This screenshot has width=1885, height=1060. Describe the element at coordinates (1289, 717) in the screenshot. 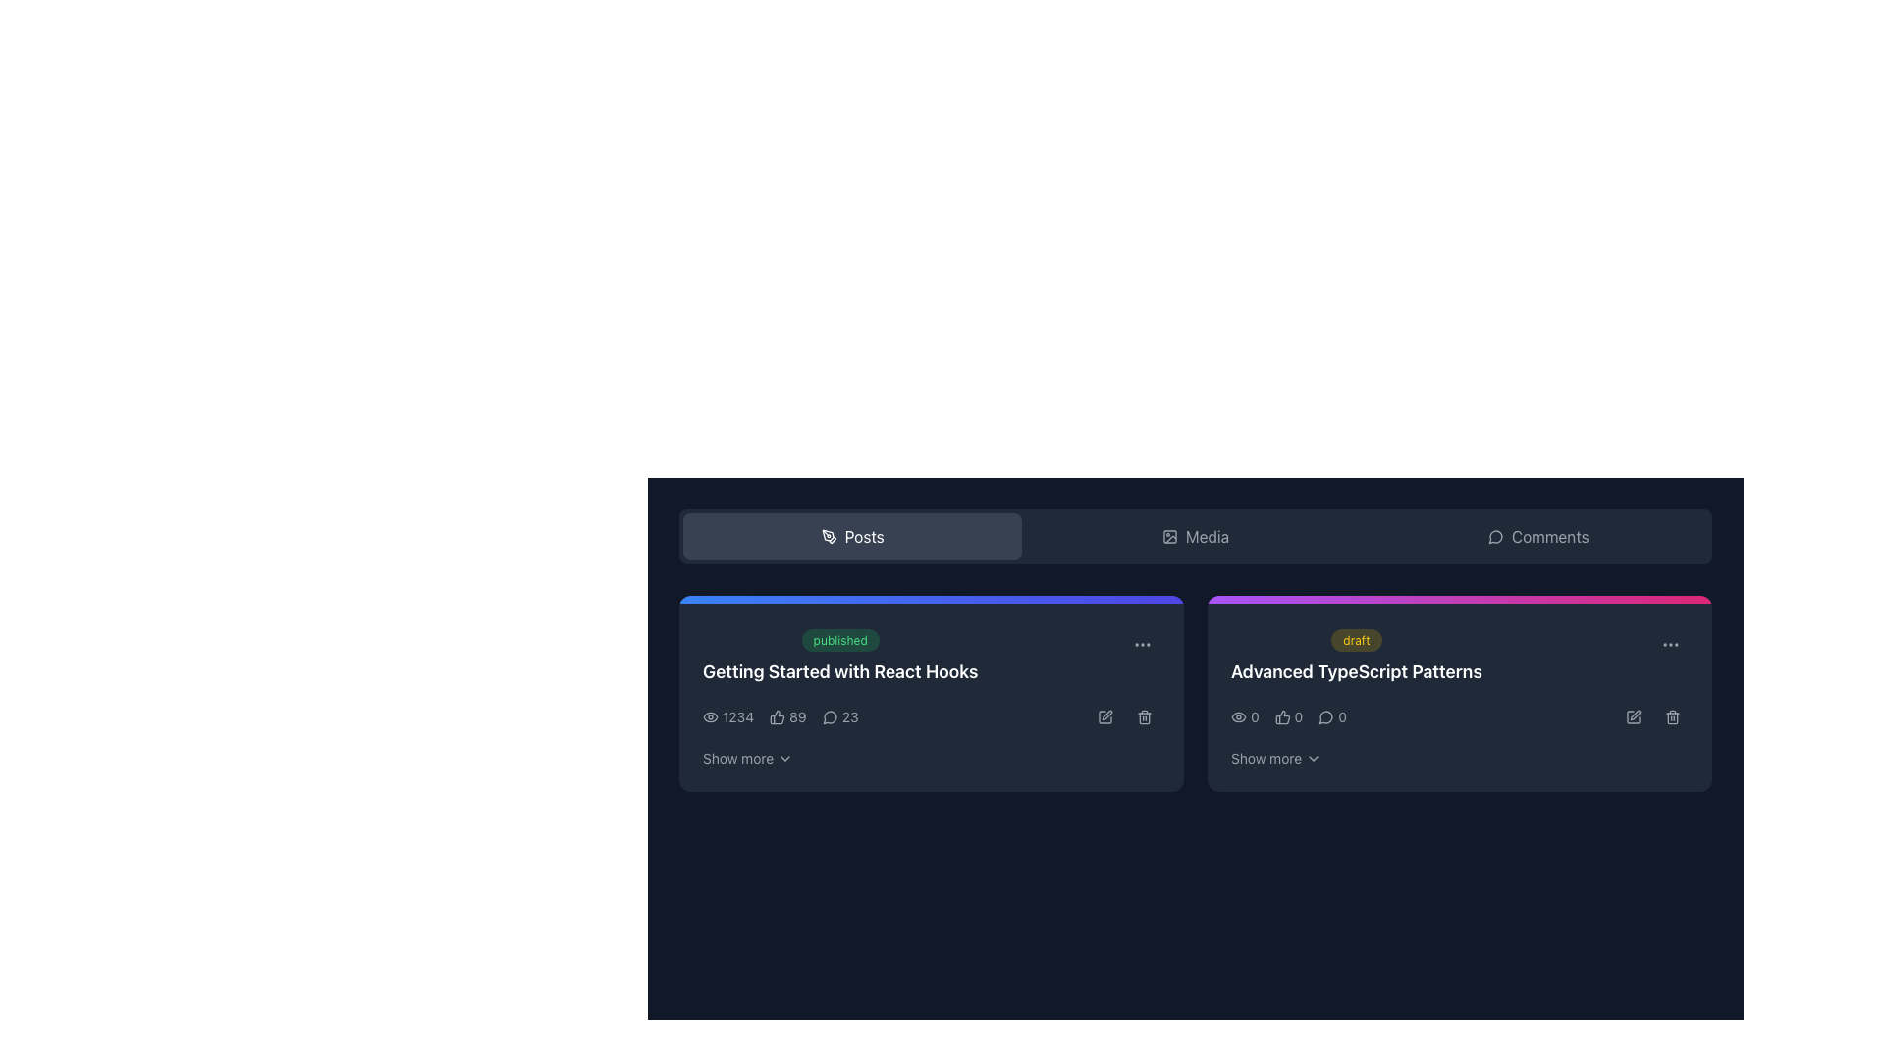

I see `the thumbs-up icon with the numeric count indicator displaying '0', located in the second card titled 'Advanced TypeScript Patterns' on the right-hand side of the interface` at that location.